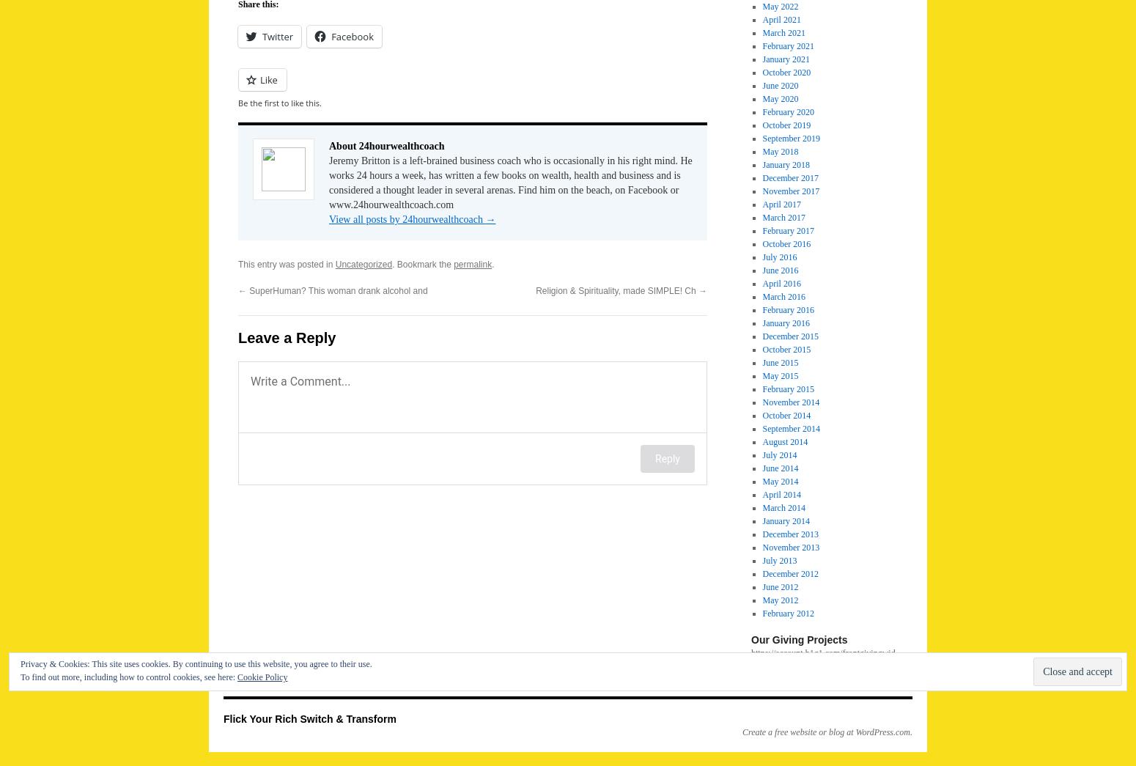  I want to click on 'January 2018', so click(762, 164).